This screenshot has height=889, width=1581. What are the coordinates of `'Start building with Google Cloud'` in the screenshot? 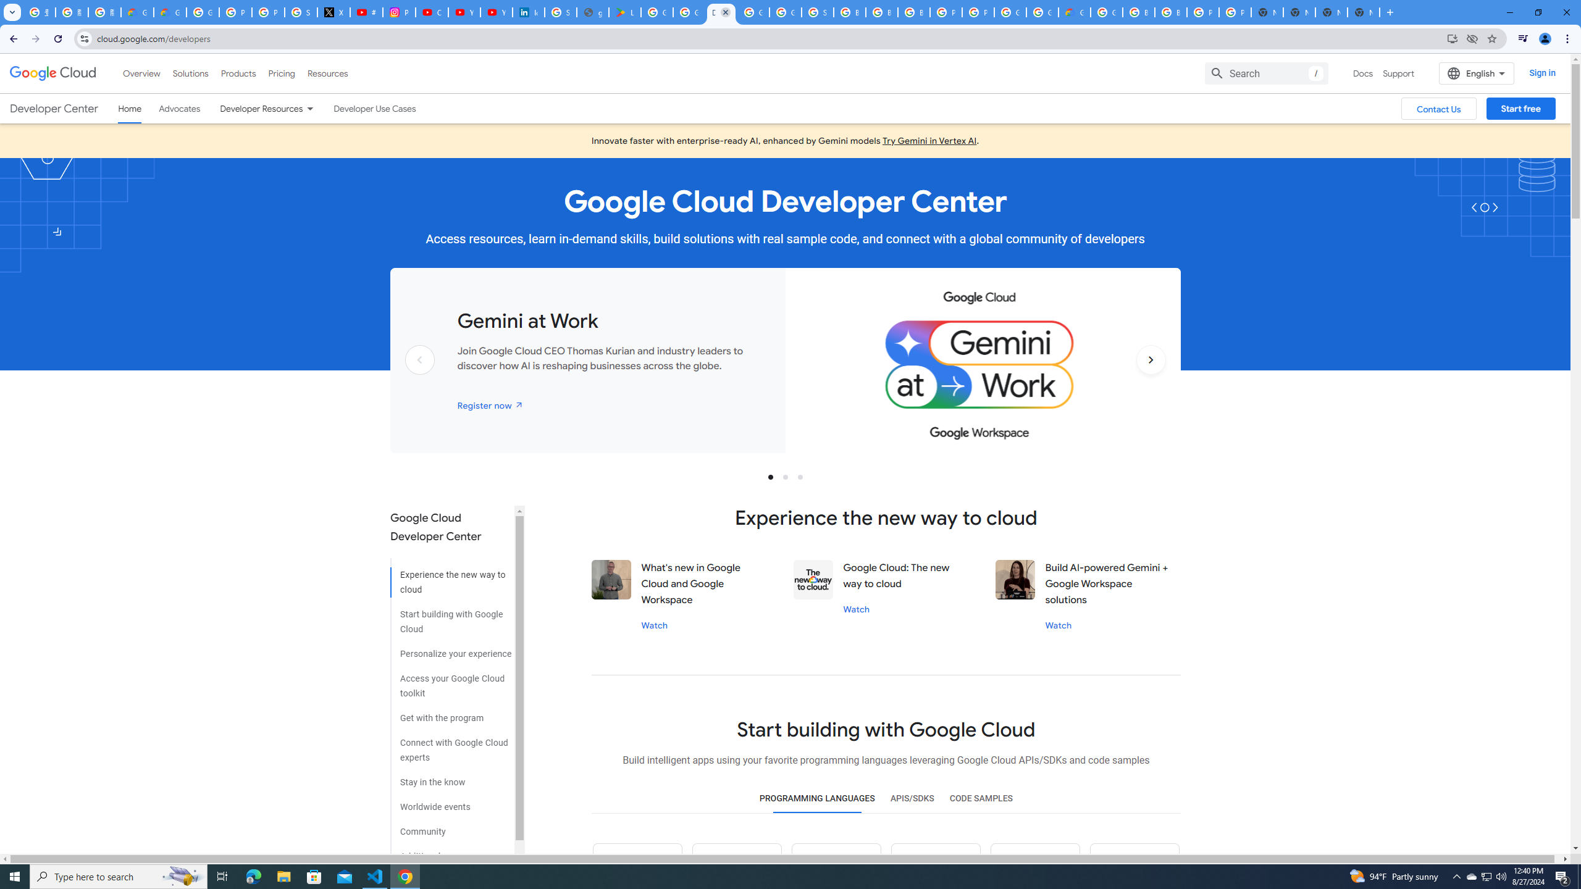 It's located at (450, 617).